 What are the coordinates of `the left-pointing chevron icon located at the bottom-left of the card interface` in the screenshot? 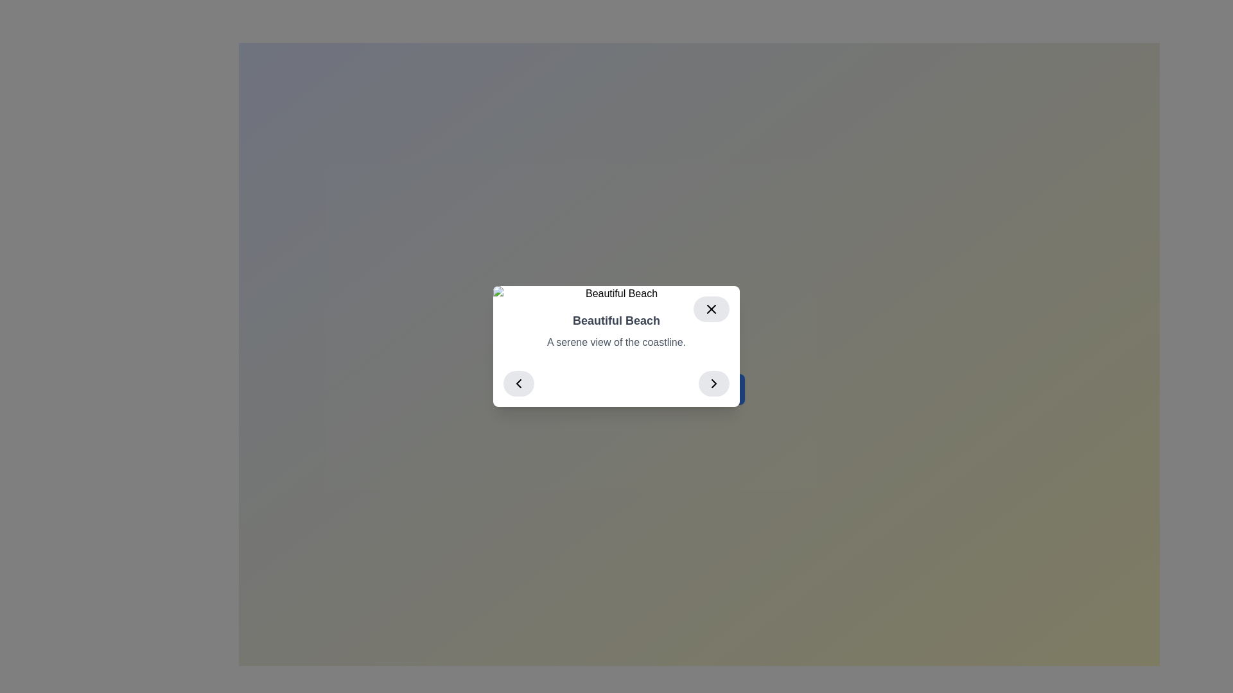 It's located at (518, 382).